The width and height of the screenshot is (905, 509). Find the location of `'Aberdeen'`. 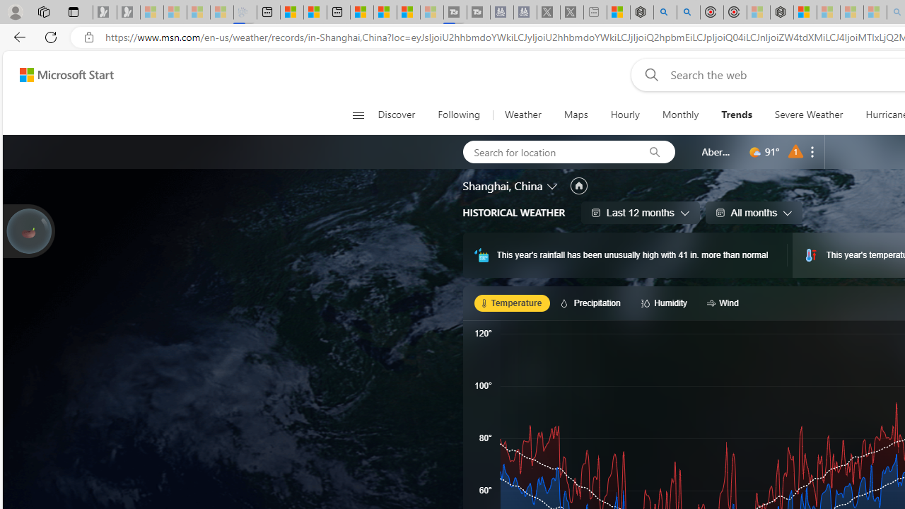

'Aberdeen' is located at coordinates (717, 151).